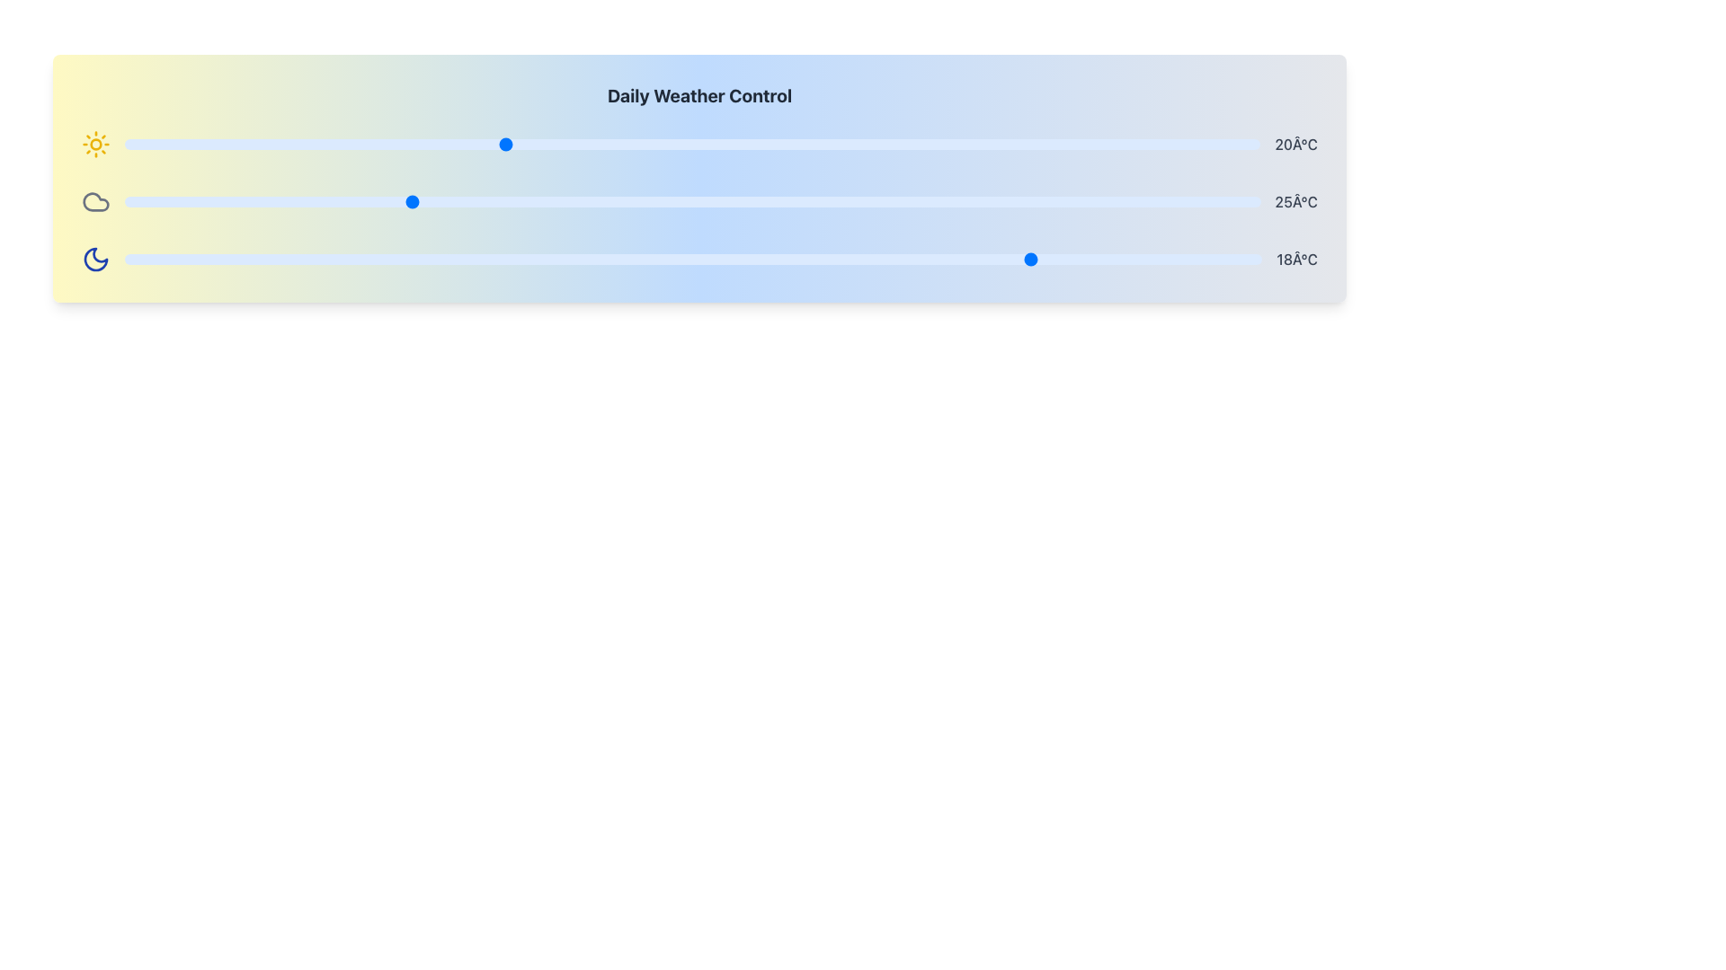 This screenshot has width=1726, height=970. I want to click on the morning temperature, so click(579, 144).